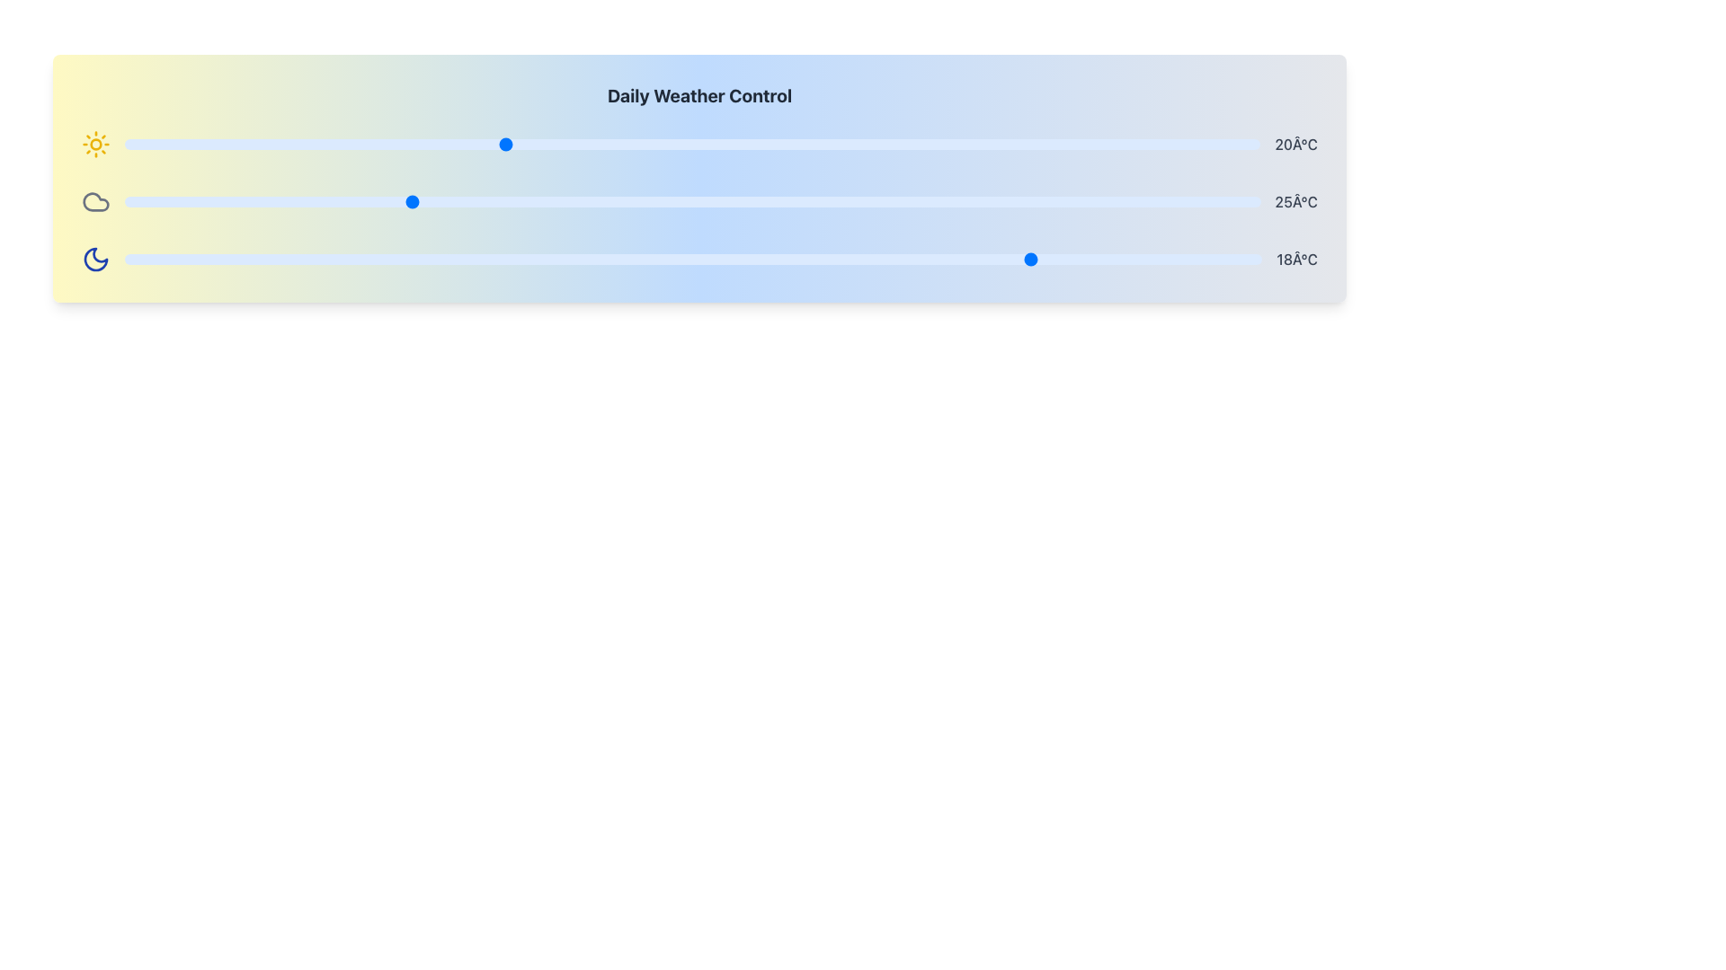 This screenshot has width=1726, height=970. I want to click on the morning temperature, so click(579, 144).